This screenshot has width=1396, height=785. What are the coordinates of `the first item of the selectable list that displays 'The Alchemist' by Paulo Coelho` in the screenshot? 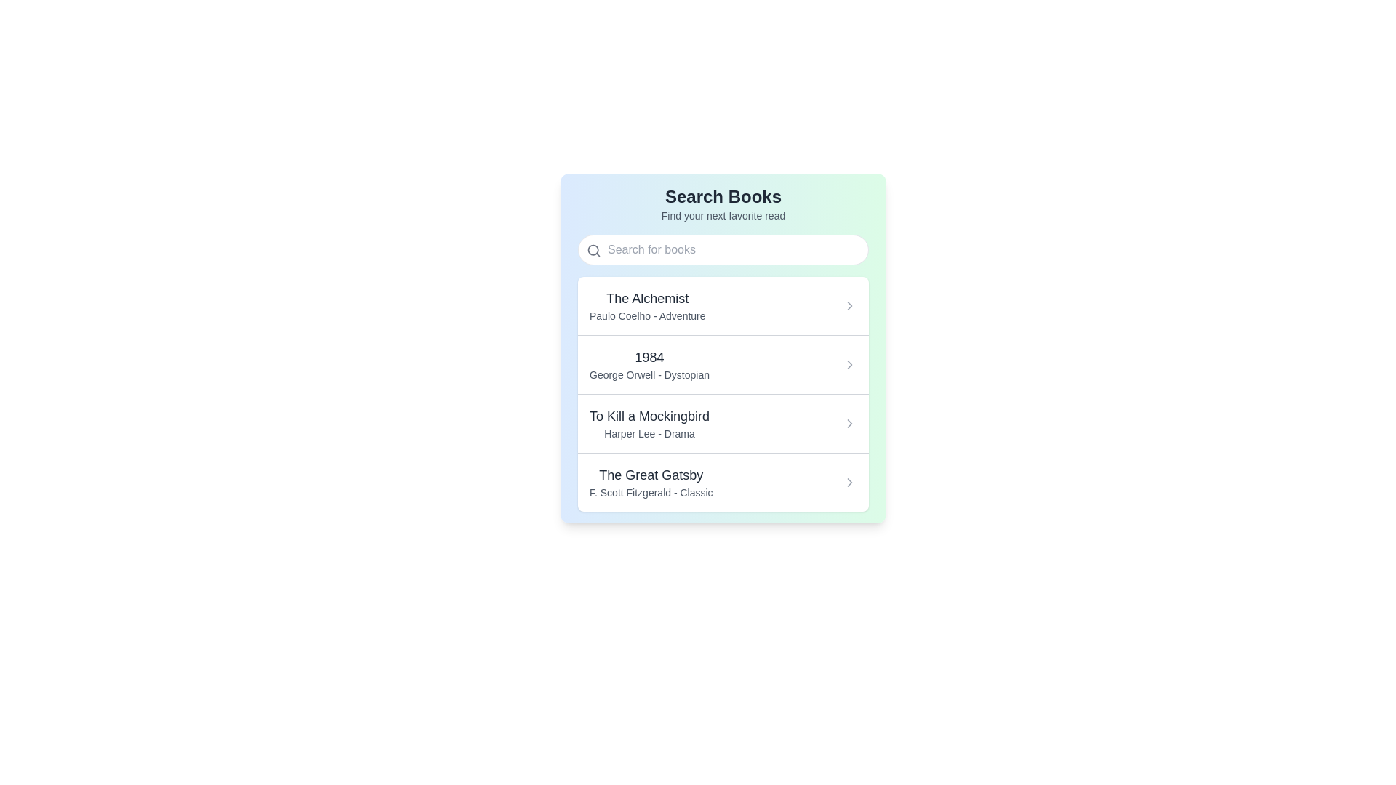 It's located at (646, 305).